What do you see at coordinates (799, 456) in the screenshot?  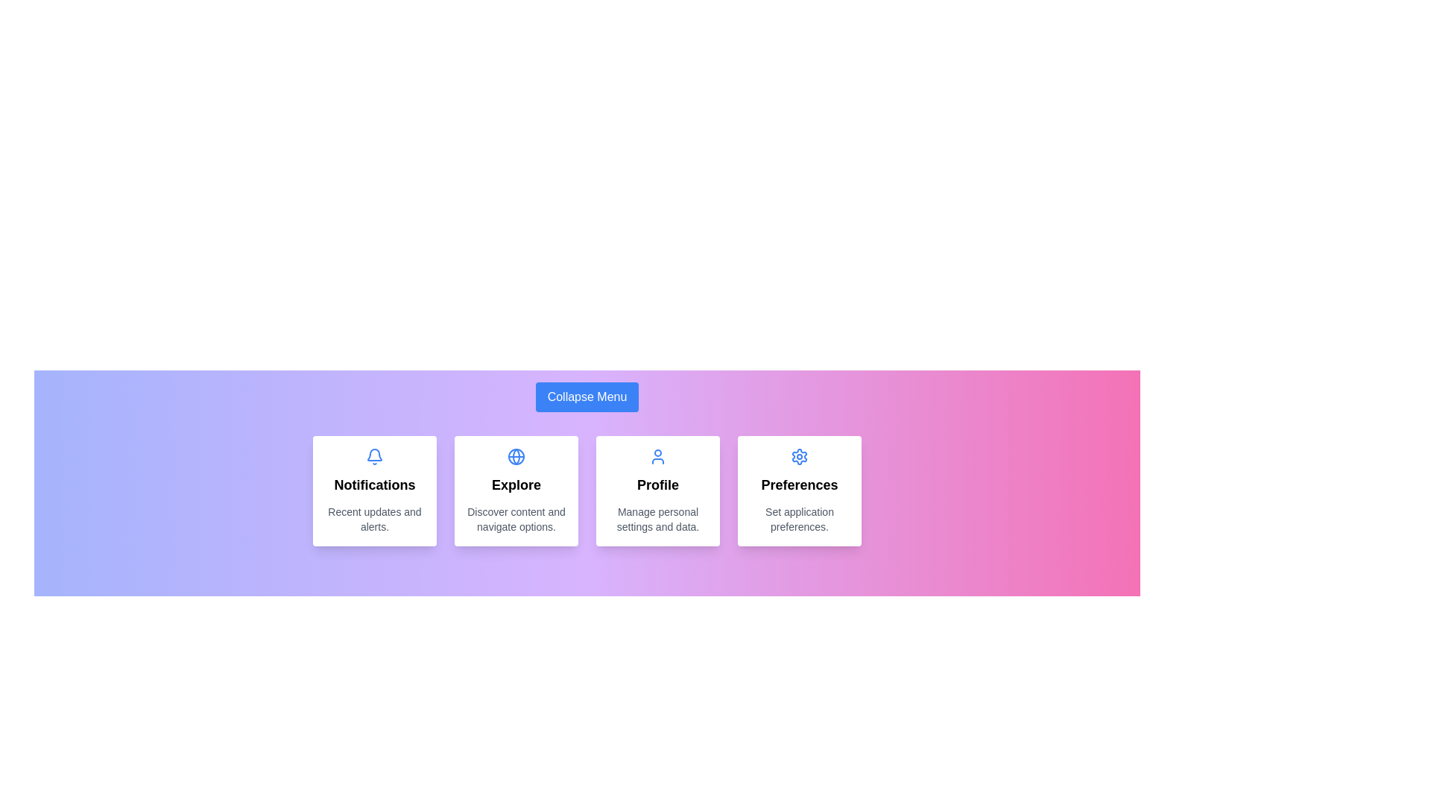 I see `the icon corresponding to the menu item Preferences` at bounding box center [799, 456].